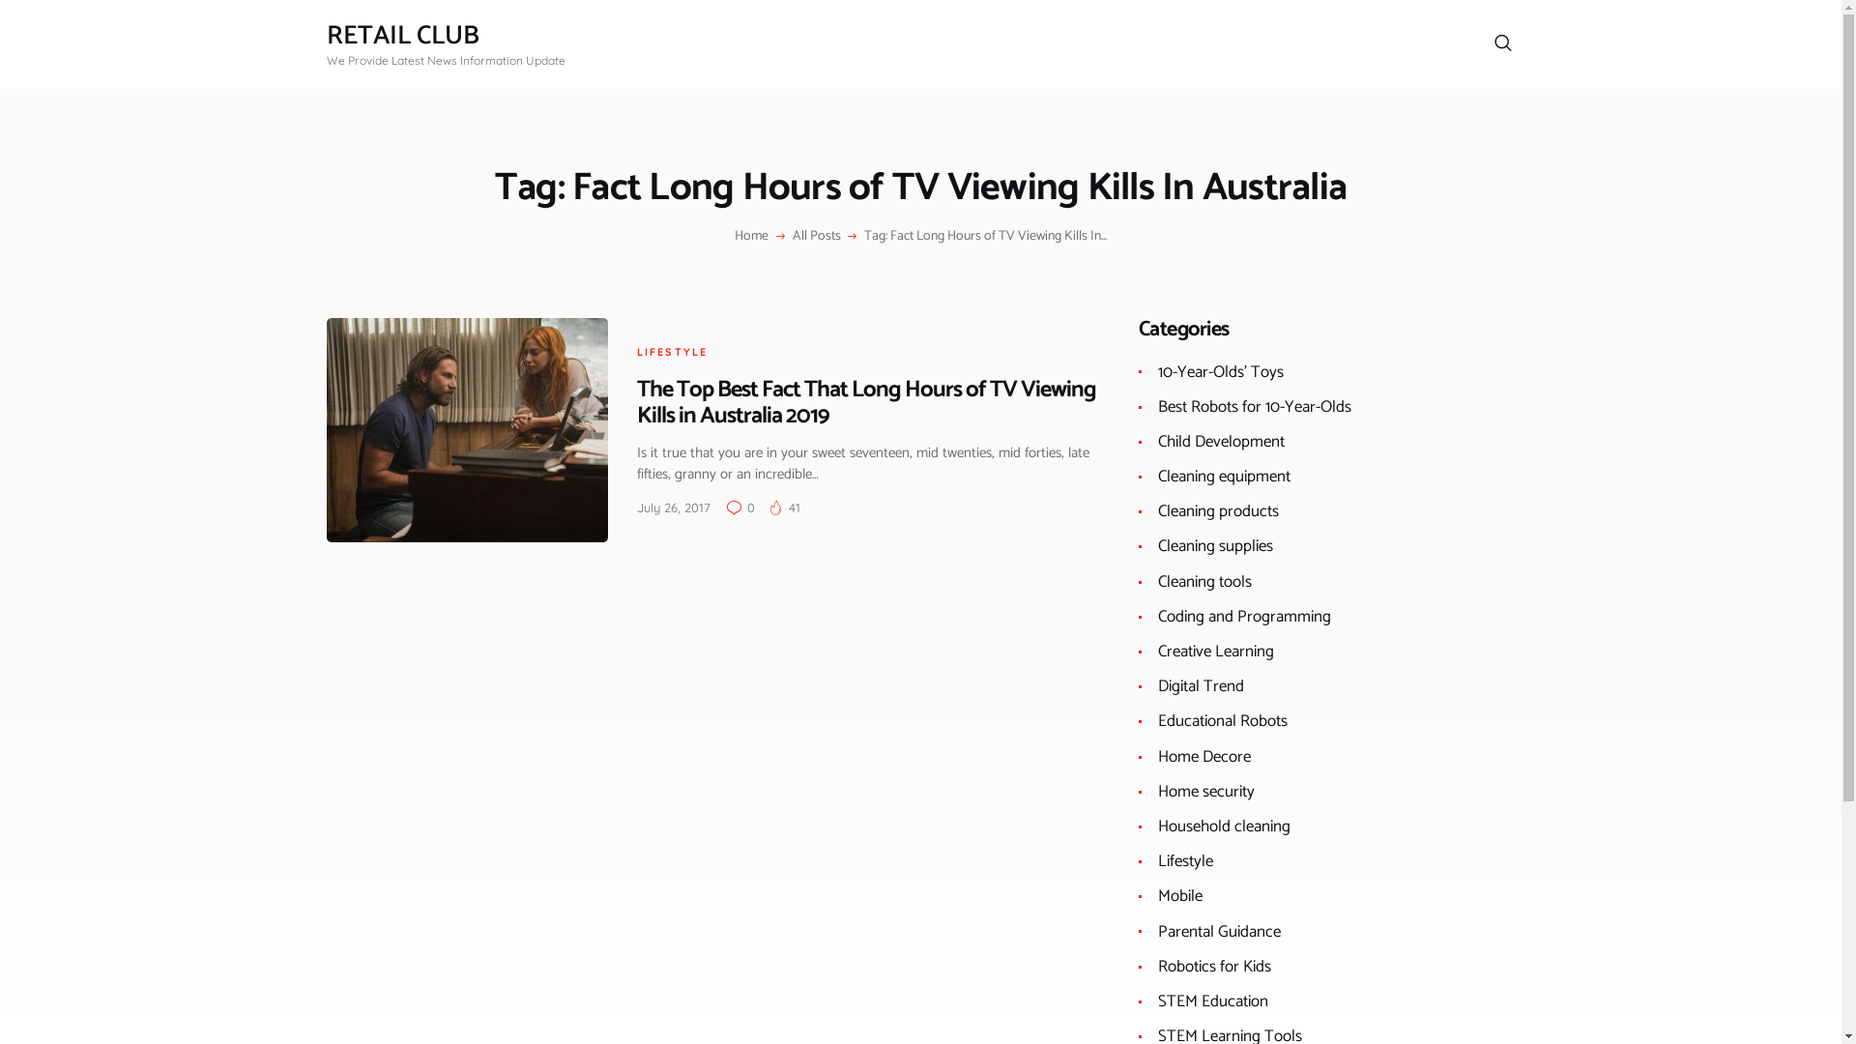 The image size is (1856, 1044). Describe the element at coordinates (816, 235) in the screenshot. I see `'All Posts'` at that location.